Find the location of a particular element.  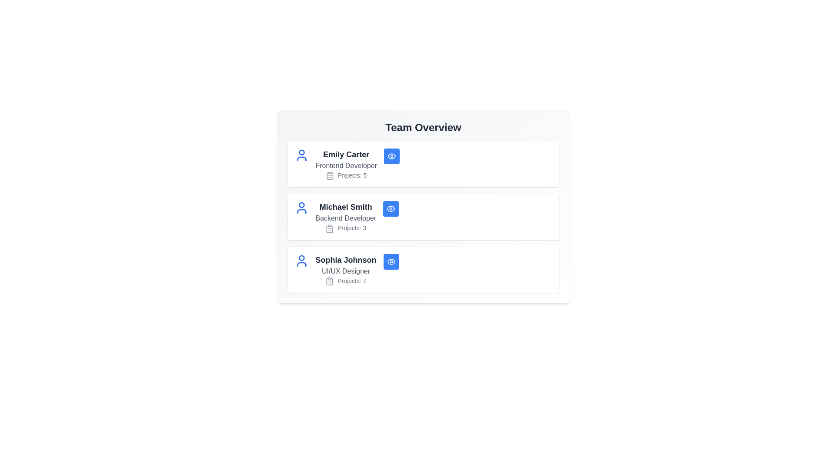

the icon representing a team member identified by Emily Carter is located at coordinates (301, 155).